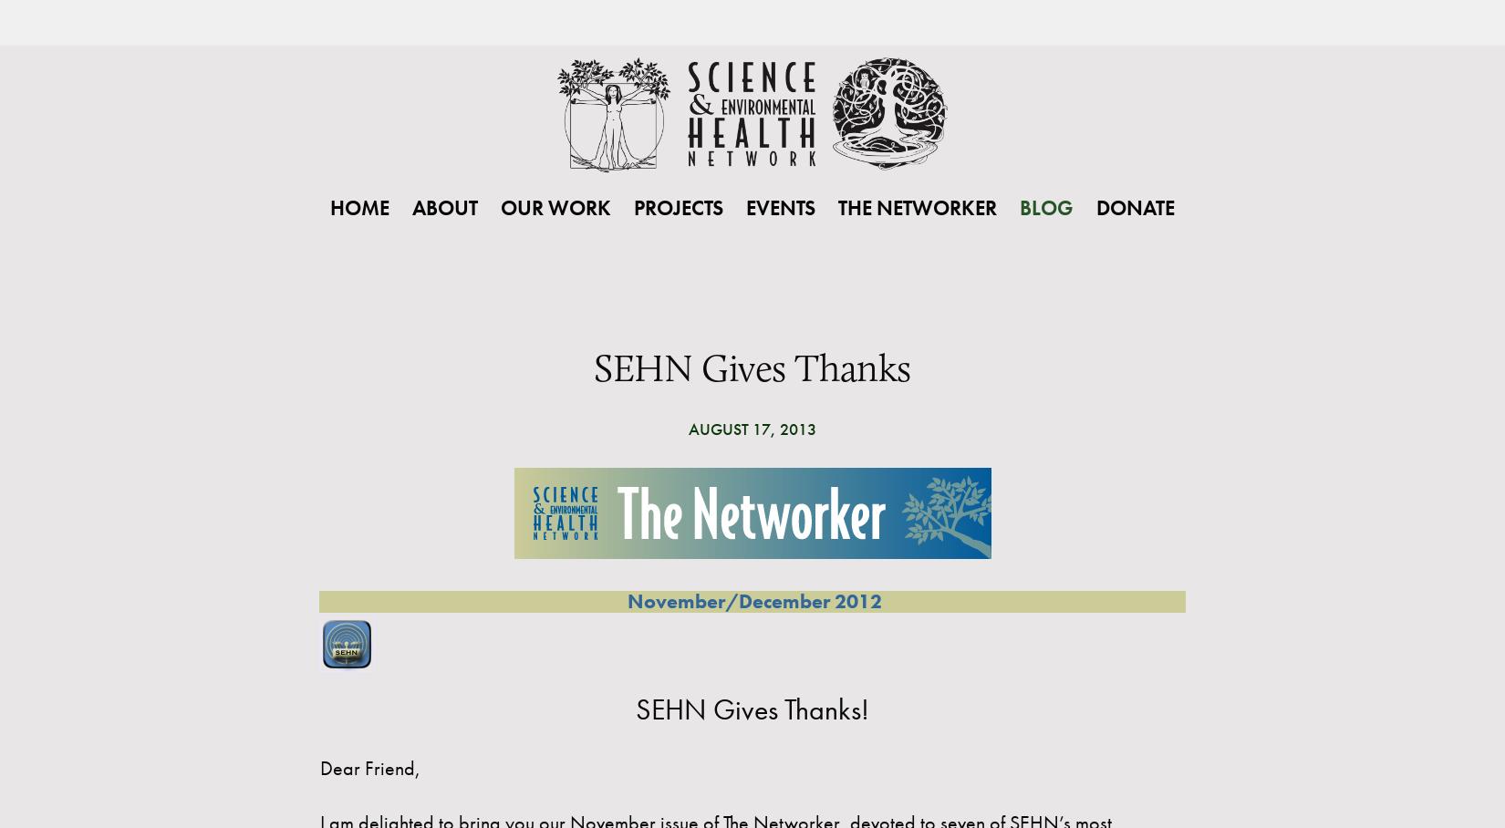 Image resolution: width=1505 pixels, height=828 pixels. Describe the element at coordinates (752, 601) in the screenshot. I see `'November/December 2012'` at that location.